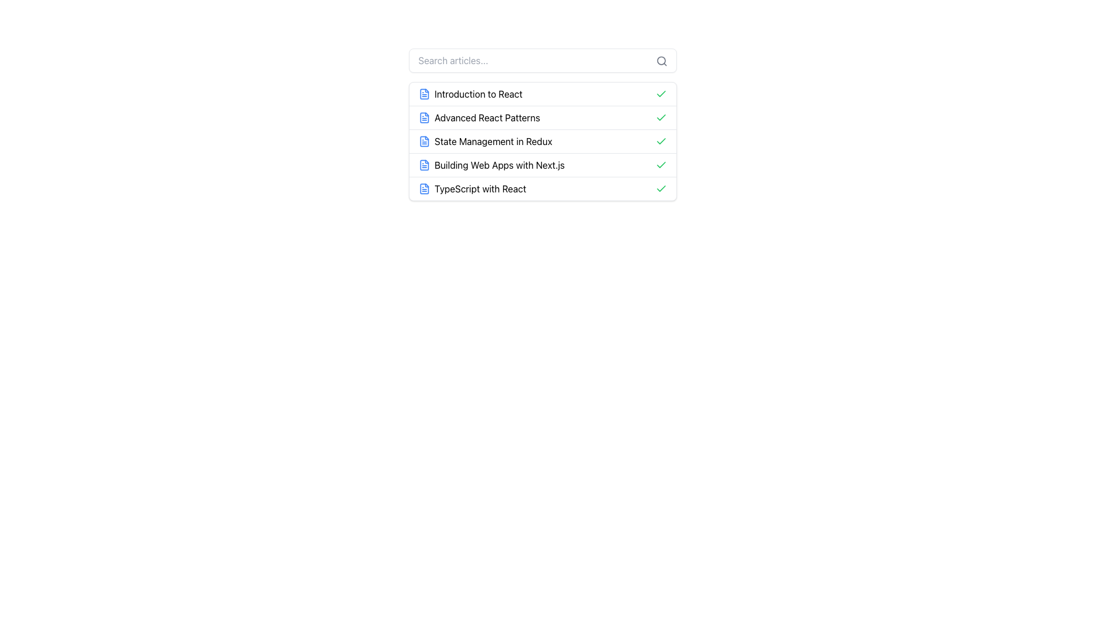 The width and height of the screenshot is (1109, 624). Describe the element at coordinates (661, 118) in the screenshot. I see `the completion status icon located at the far right of the 'Advanced React Patterns' list item to indicate that the item is marked as completed or selected` at that location.